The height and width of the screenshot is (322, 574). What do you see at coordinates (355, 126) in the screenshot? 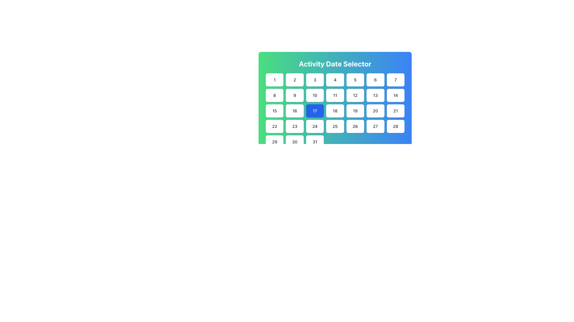
I see `the button representing the date in the calendar date picker interface located in the fifth column of the fourth row` at bounding box center [355, 126].